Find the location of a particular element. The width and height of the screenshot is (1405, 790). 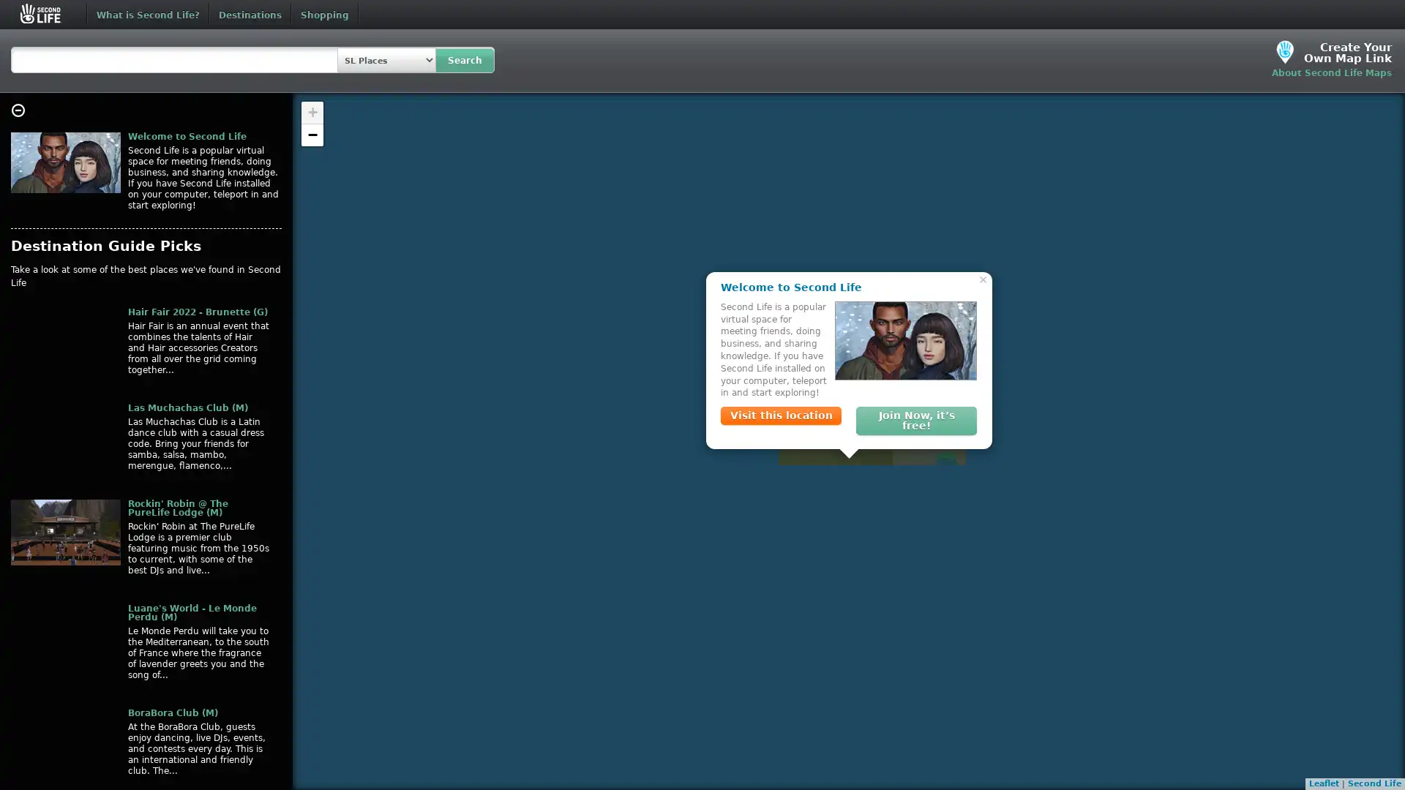

Zoom out is located at coordinates (312, 135).